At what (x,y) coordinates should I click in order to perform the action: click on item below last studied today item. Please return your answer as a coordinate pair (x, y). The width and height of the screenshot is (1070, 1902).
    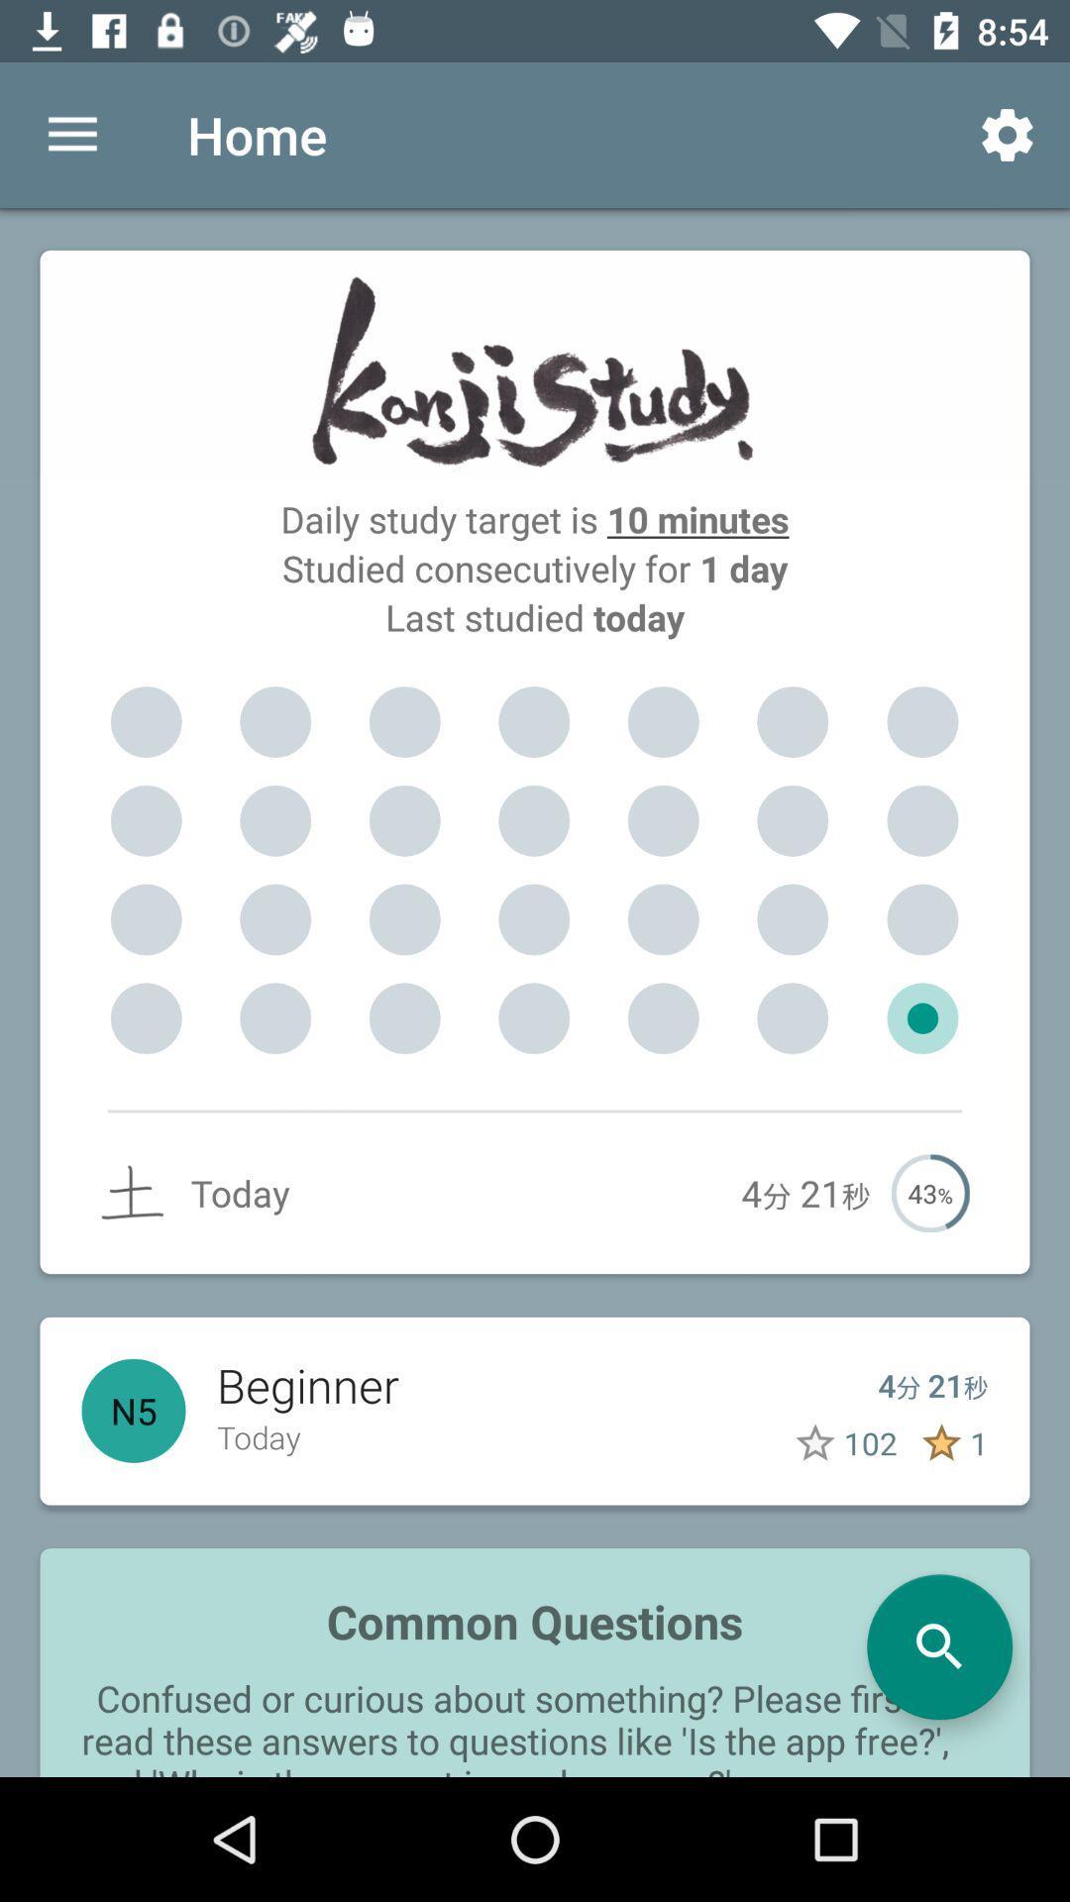
    Looking at the image, I should click on (663, 721).